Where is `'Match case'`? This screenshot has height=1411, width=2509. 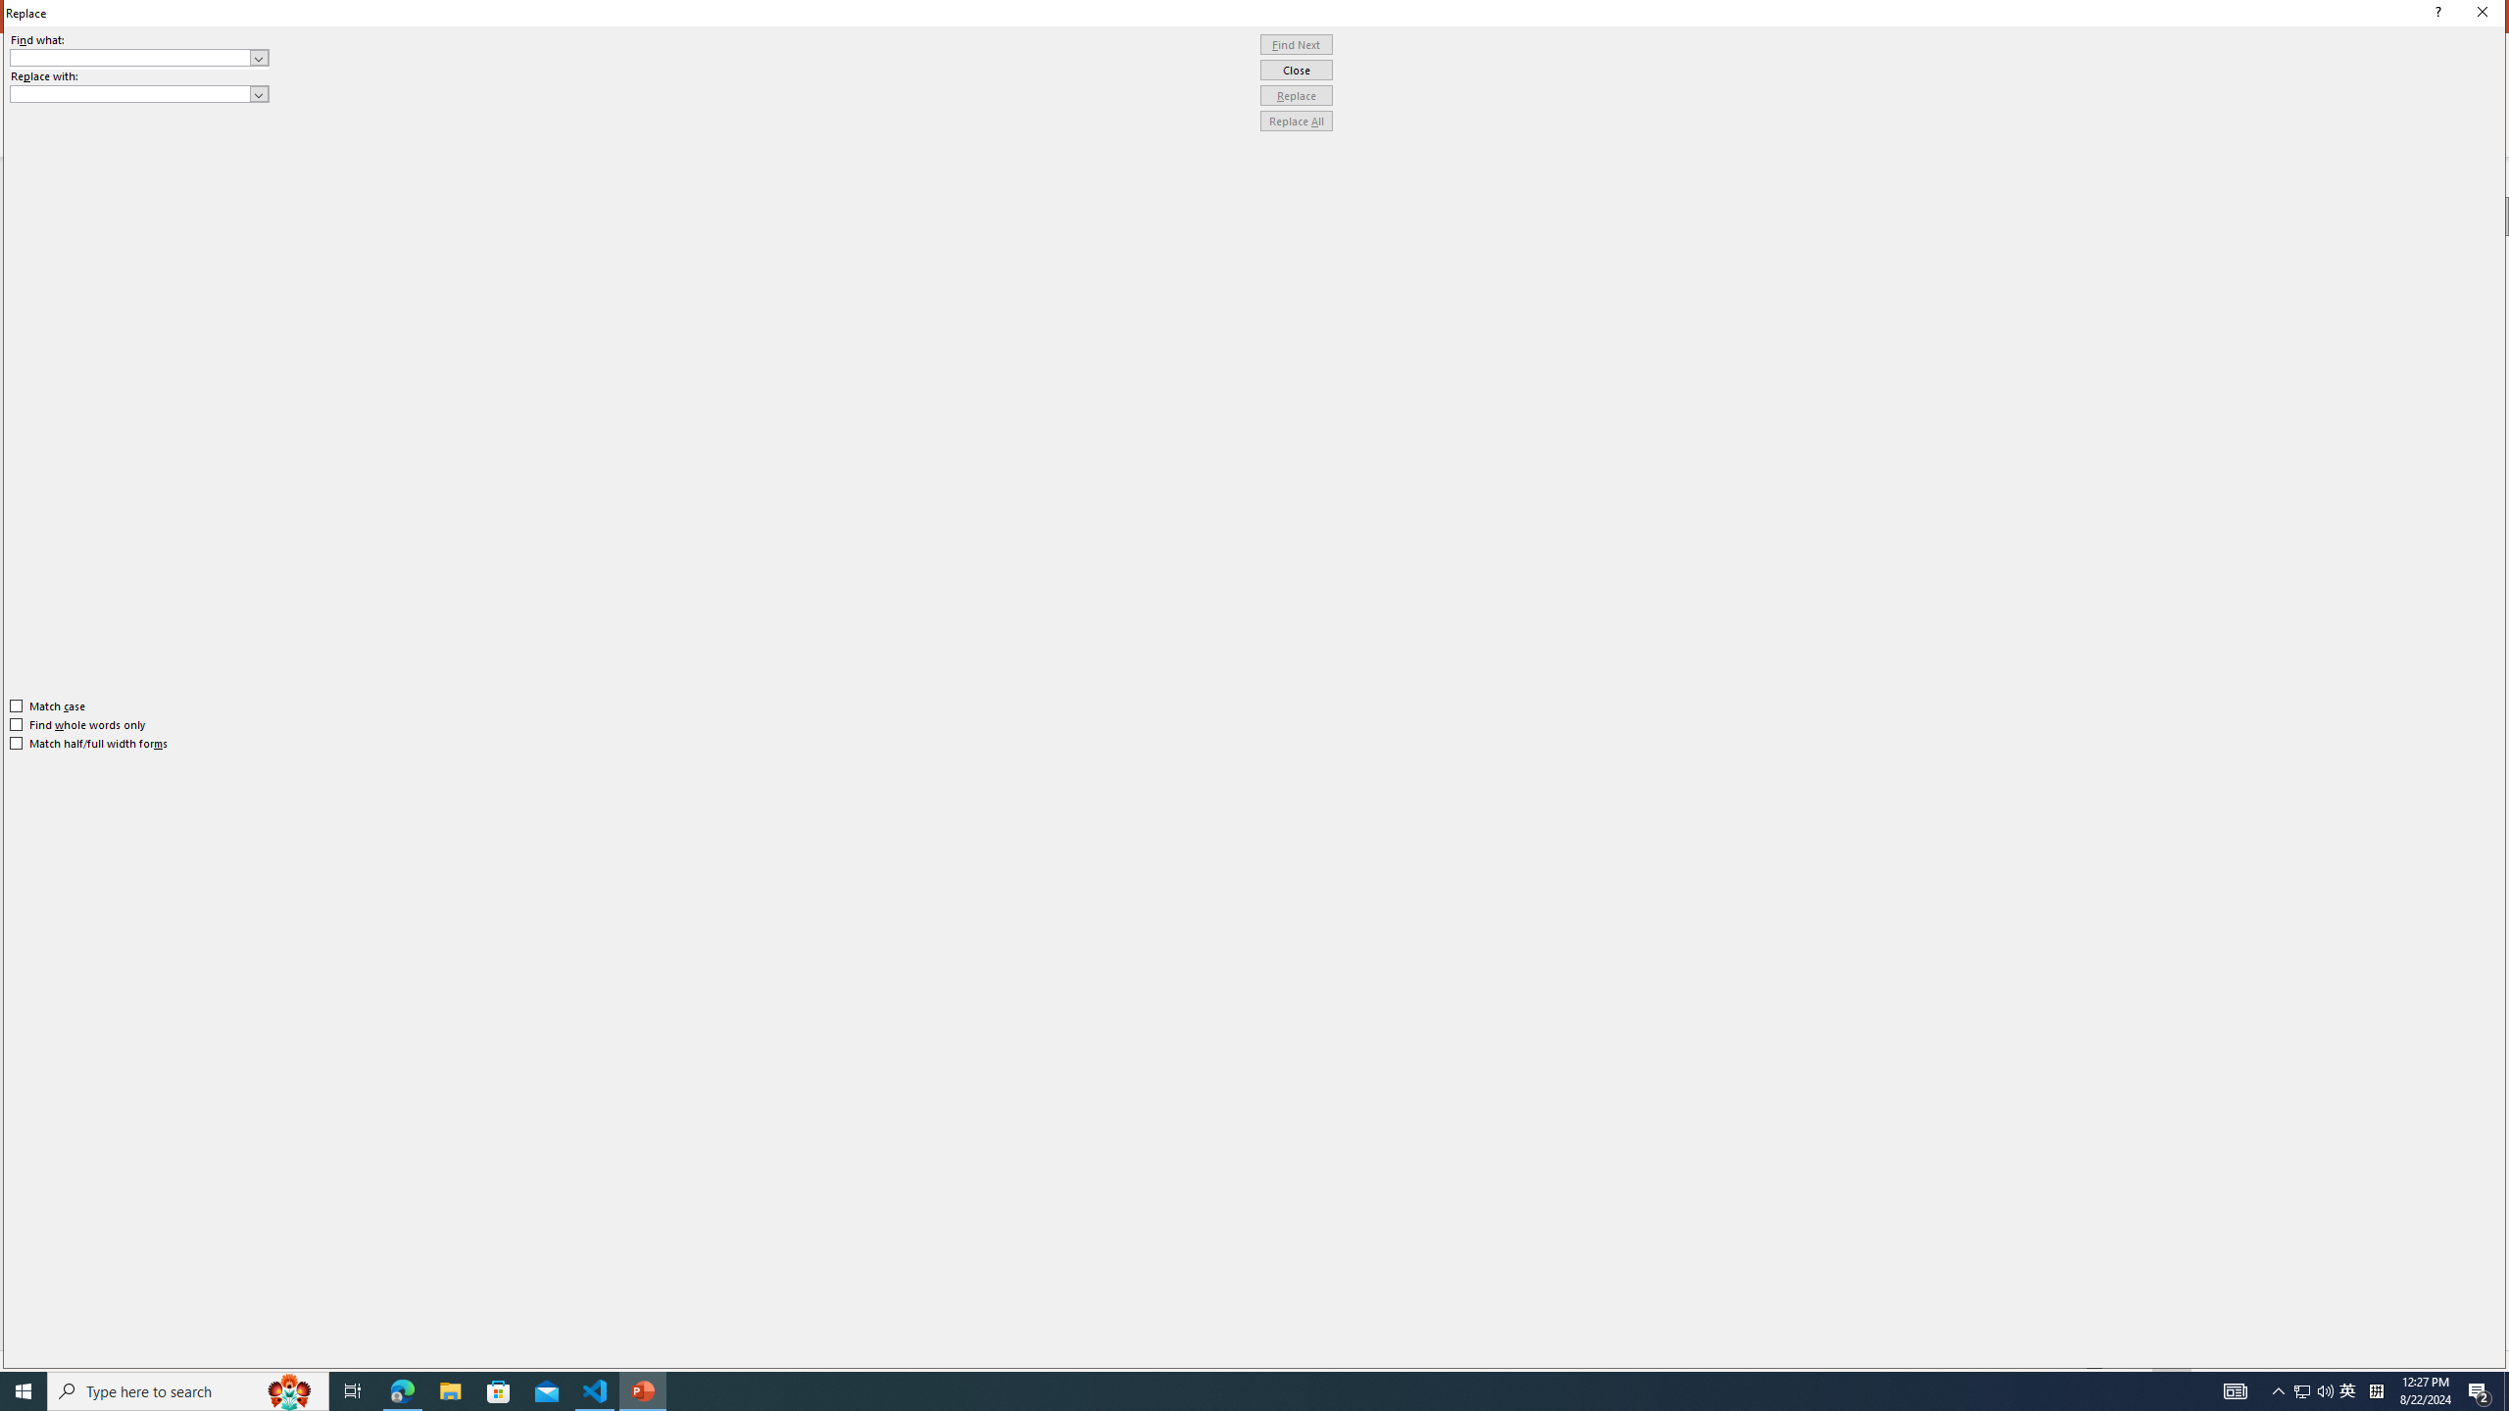
'Match case' is located at coordinates (47, 705).